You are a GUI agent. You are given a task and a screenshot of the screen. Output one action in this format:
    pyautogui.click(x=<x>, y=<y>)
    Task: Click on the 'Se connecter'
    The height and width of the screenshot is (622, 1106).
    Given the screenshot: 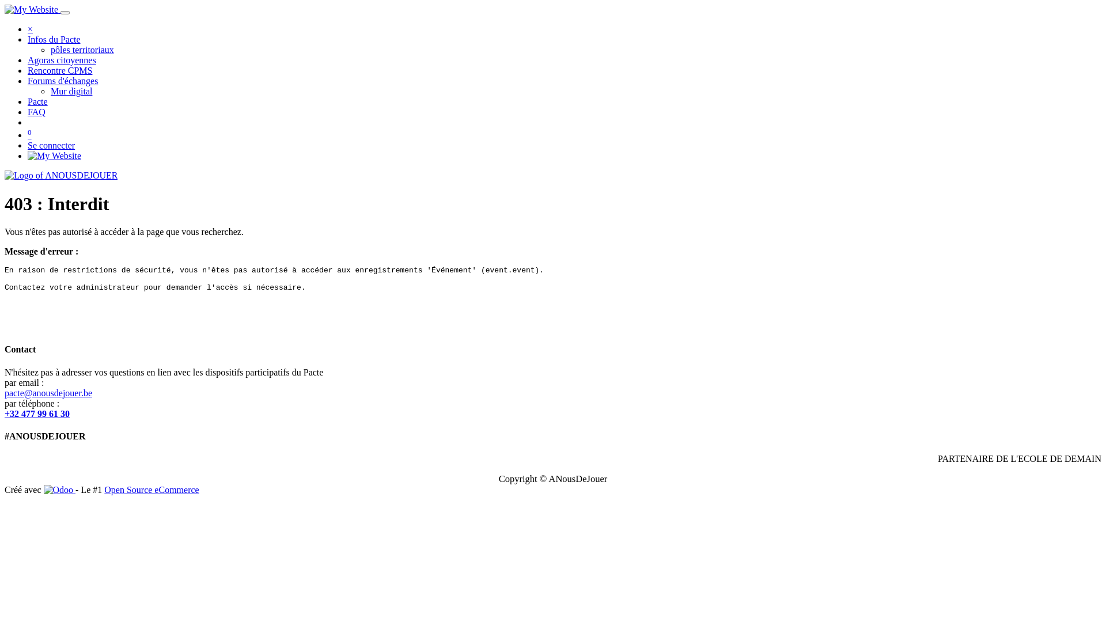 What is the action you would take?
    pyautogui.click(x=28, y=145)
    